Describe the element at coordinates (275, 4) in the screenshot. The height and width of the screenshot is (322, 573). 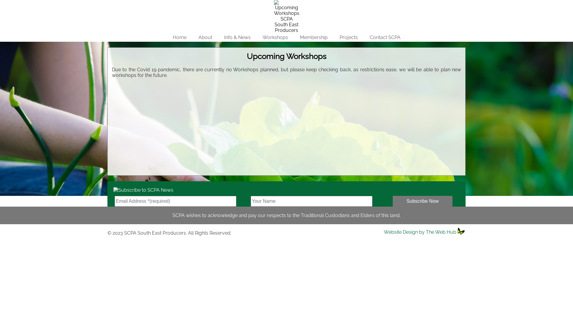
I see `'Workshops'` at that location.